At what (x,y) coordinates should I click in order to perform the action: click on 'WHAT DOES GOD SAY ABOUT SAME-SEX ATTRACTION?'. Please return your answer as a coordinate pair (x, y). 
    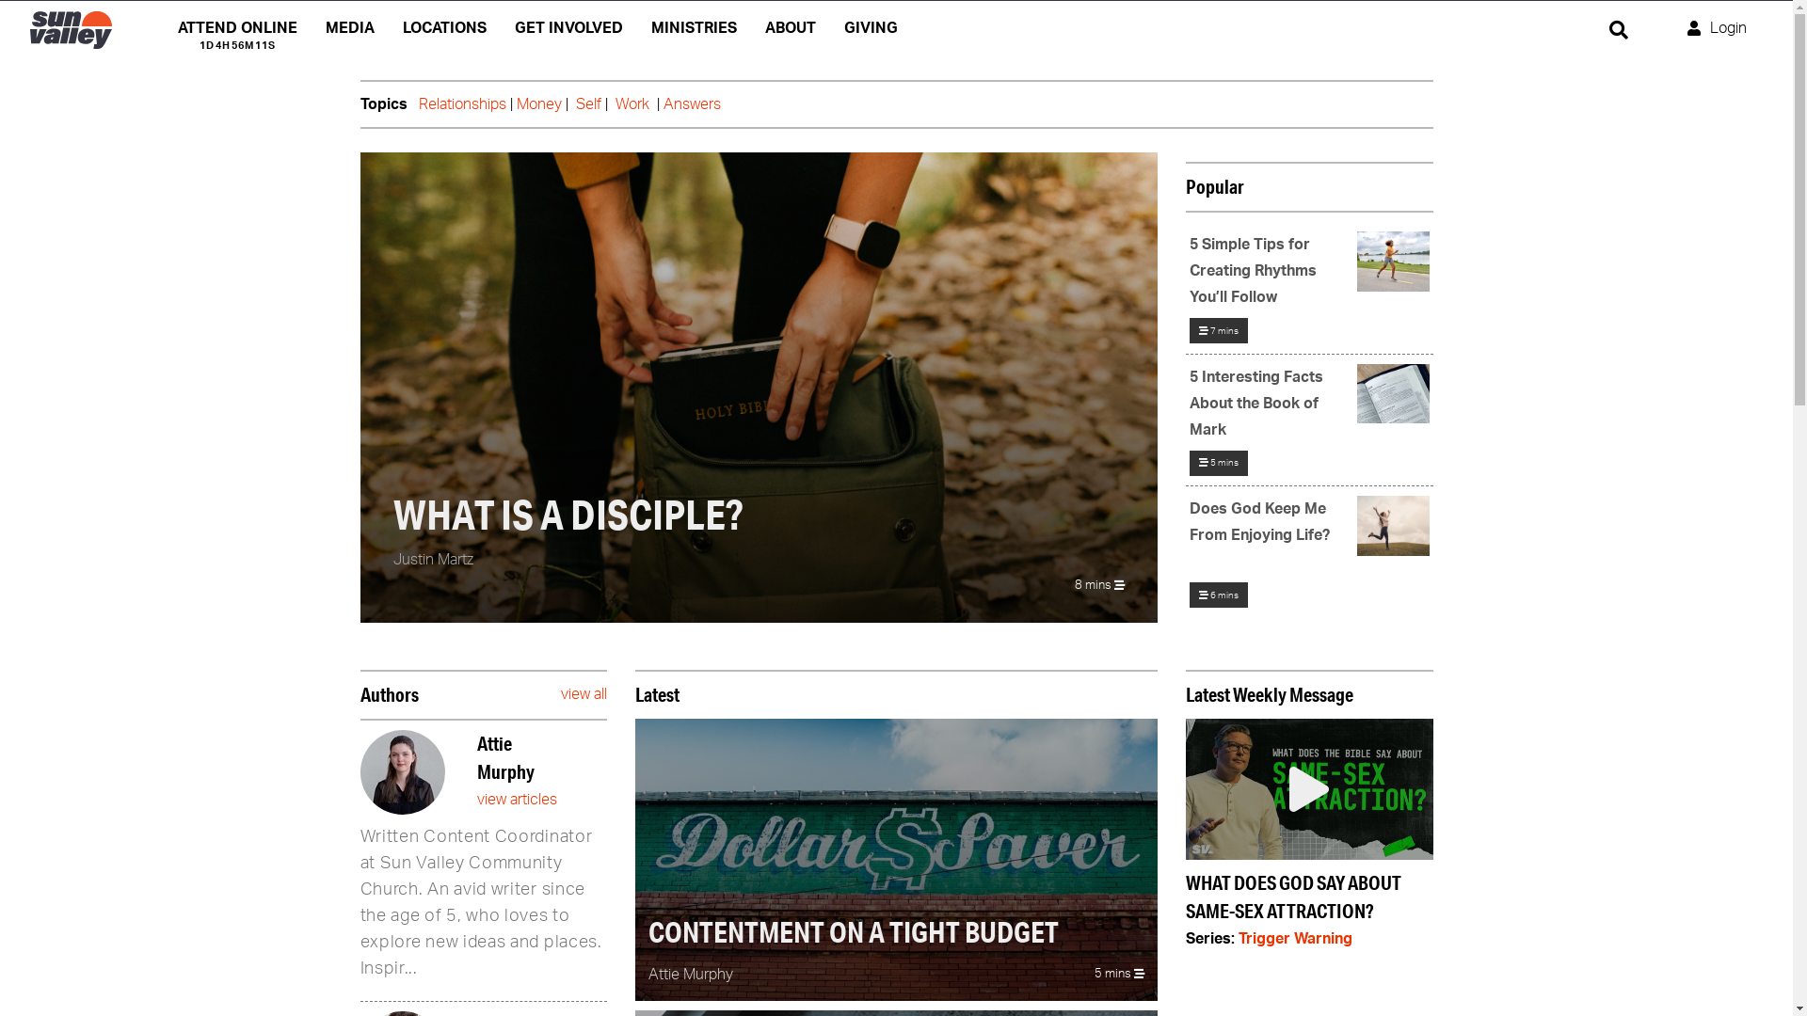
    Looking at the image, I should click on (1308, 831).